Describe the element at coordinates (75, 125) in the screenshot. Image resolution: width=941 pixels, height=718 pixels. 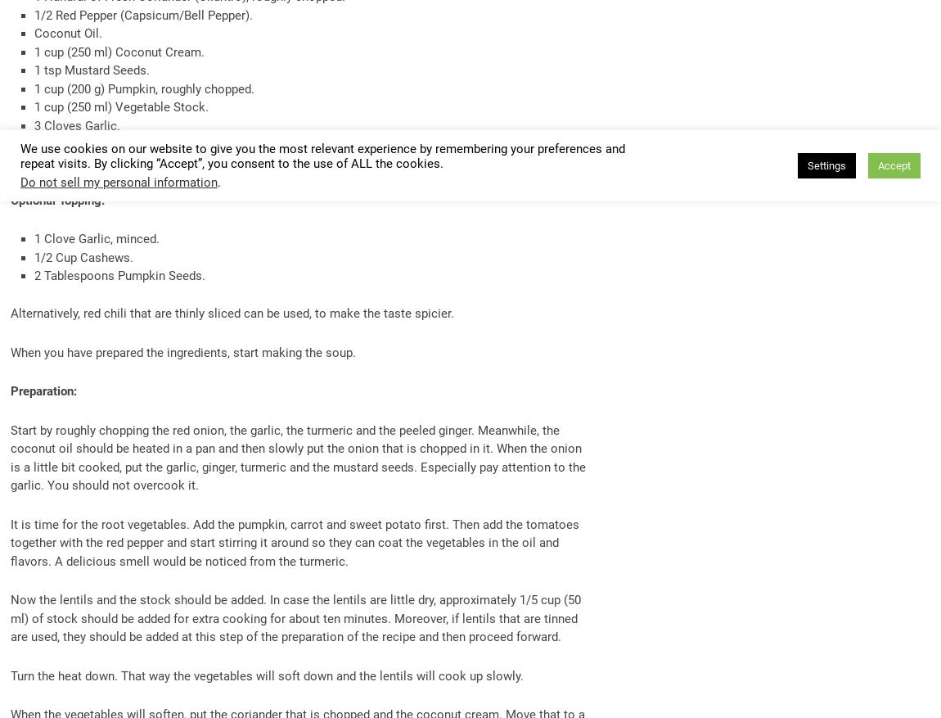
I see `'3 Cloves Garlic.'` at that location.